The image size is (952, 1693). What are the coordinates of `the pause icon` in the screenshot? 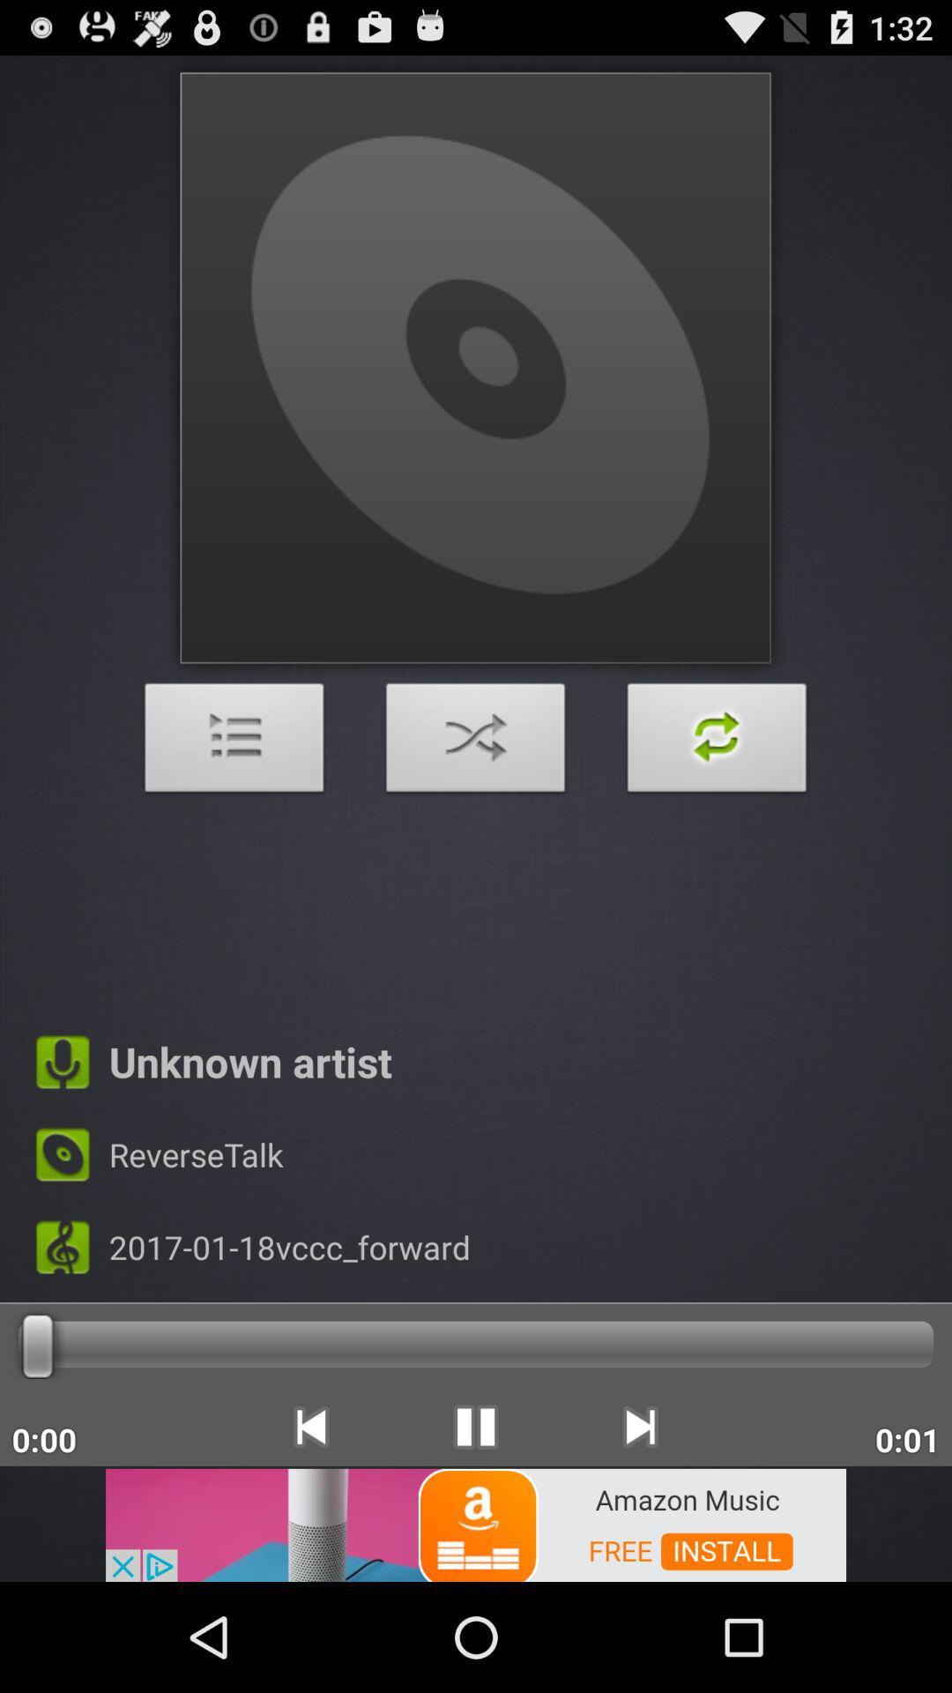 It's located at (474, 1525).